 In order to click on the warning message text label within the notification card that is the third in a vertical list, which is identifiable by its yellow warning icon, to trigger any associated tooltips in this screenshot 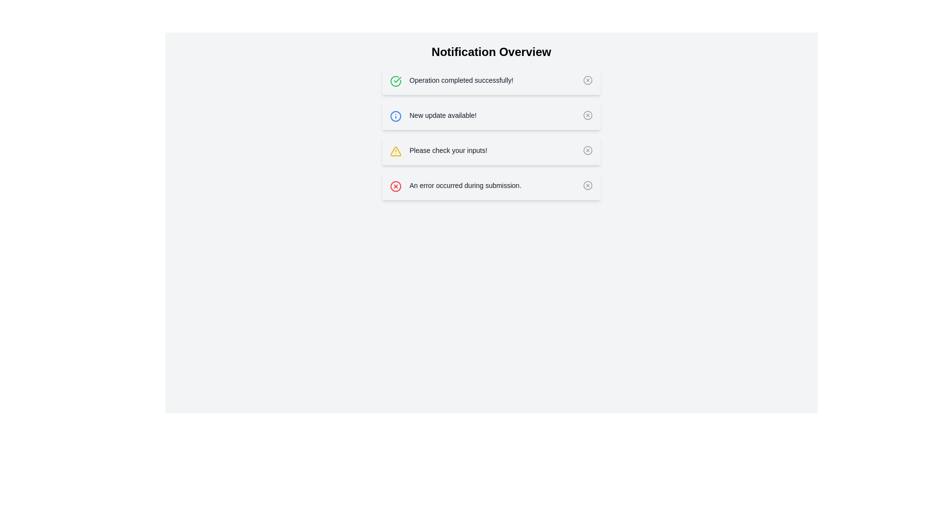, I will do `click(448, 150)`.